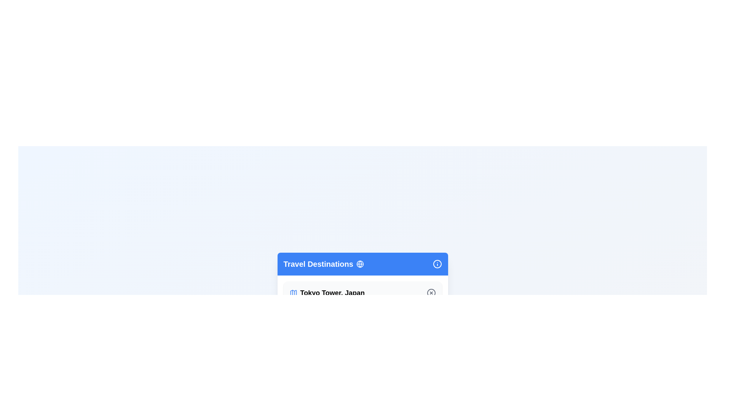 The width and height of the screenshot is (731, 411). Describe the element at coordinates (359, 264) in the screenshot. I see `the circular line forming a partial ellipse that resembles a globe, located within the 'Travel Destinations' card, immediately to the right of the title 'Travel Destinations.'` at that location.